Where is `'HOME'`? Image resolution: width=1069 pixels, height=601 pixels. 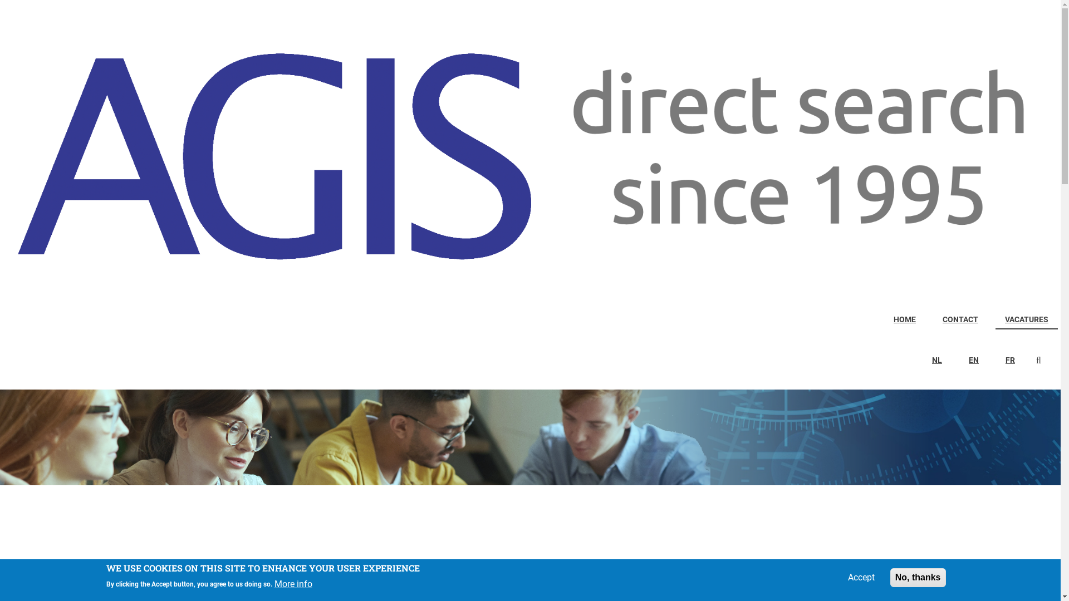
'HOME' is located at coordinates (884, 320).